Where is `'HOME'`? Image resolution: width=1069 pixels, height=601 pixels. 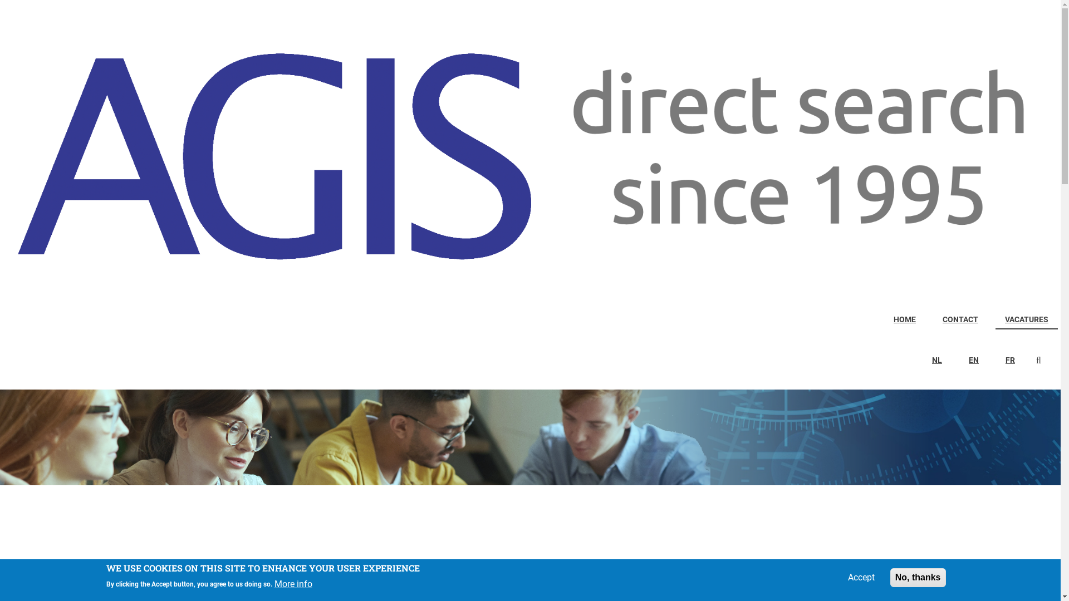
'HOME' is located at coordinates (884, 320).